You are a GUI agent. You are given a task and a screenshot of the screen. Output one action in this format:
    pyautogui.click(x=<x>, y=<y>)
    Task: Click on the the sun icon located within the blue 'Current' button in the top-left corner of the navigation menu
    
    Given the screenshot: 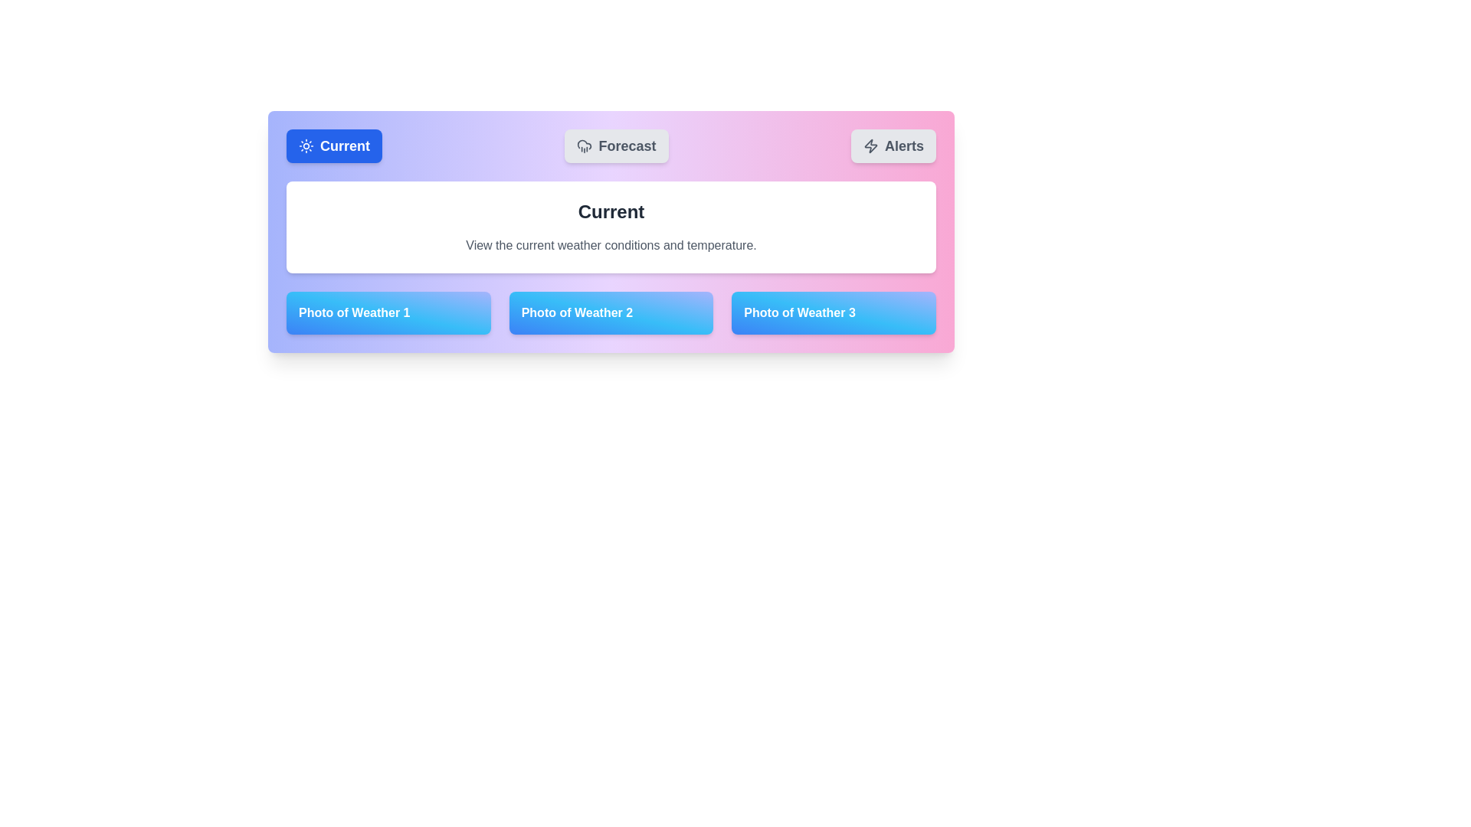 What is the action you would take?
    pyautogui.click(x=306, y=146)
    